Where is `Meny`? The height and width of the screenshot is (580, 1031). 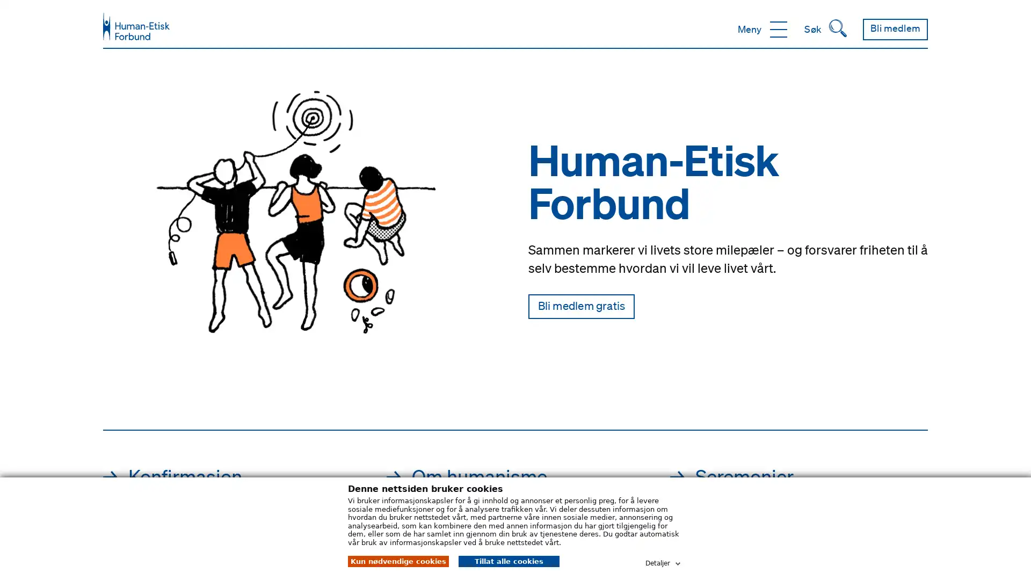 Meny is located at coordinates (761, 30).